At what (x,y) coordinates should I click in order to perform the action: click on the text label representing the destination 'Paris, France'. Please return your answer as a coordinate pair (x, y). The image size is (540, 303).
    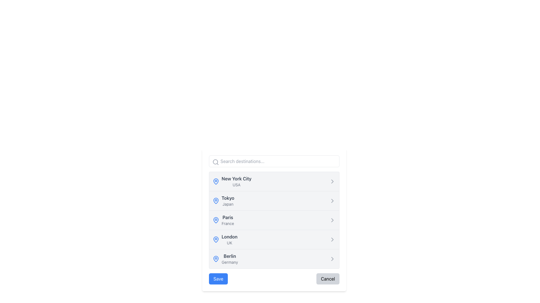
    Looking at the image, I should click on (228, 220).